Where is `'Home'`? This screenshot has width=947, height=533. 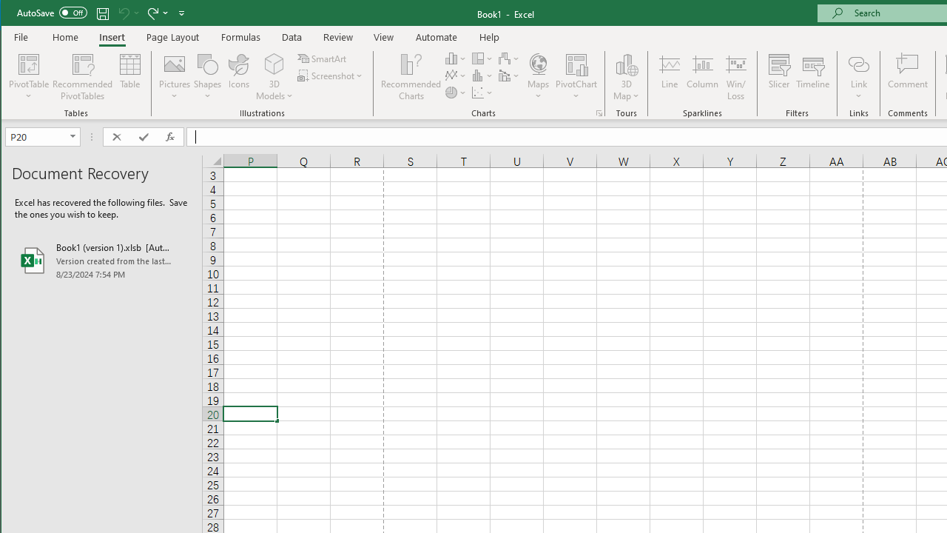
'Home' is located at coordinates (64, 36).